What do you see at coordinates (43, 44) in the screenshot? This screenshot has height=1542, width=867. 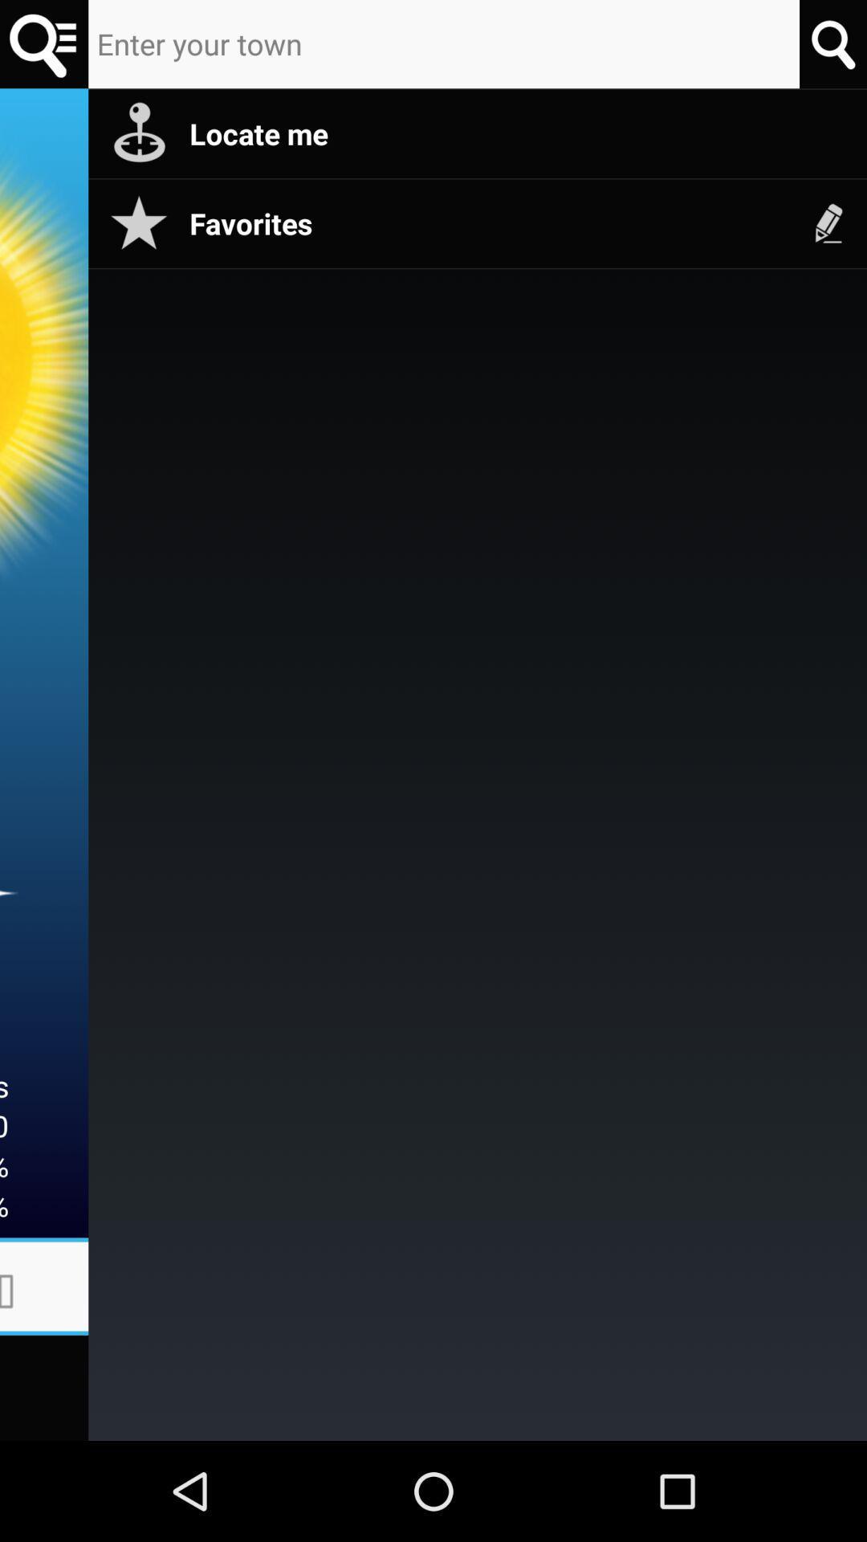 I see `type in your town` at bounding box center [43, 44].